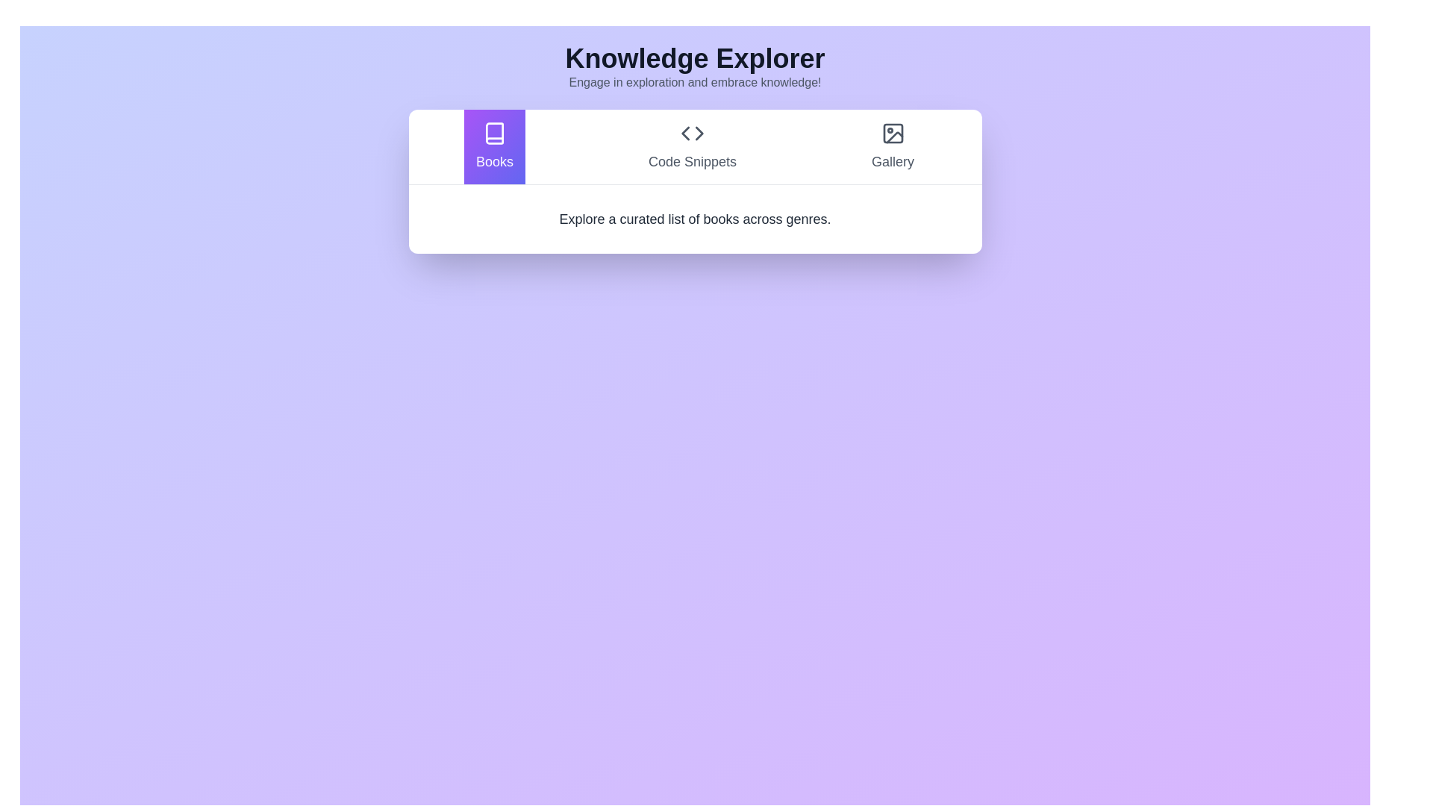 The image size is (1433, 806). I want to click on the Code Snippets tab to switch the content, so click(691, 146).